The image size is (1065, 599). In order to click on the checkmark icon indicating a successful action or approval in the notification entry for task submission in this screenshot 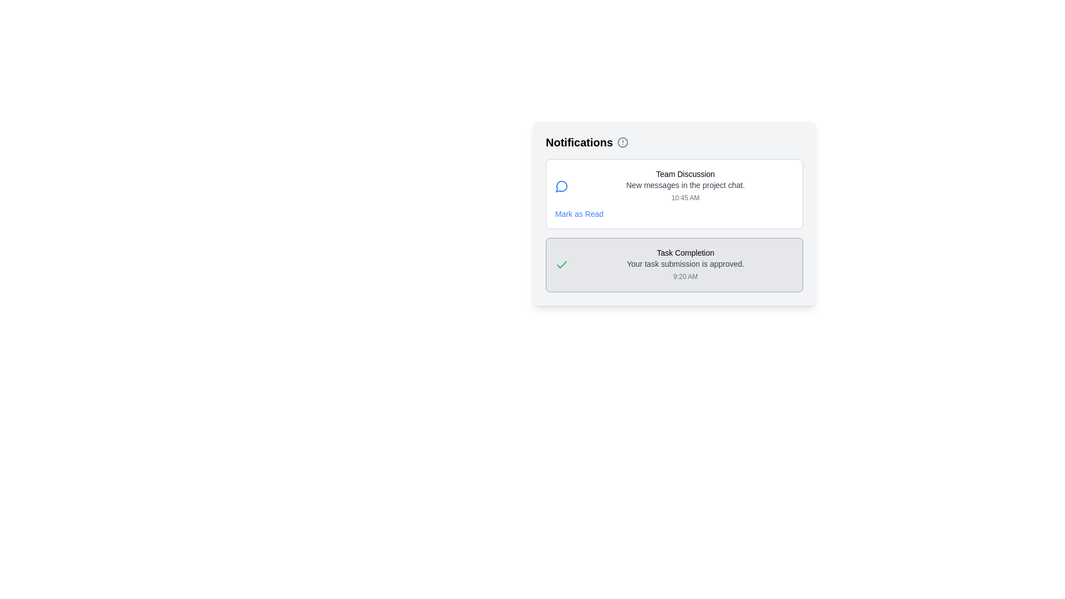, I will do `click(561, 265)`.